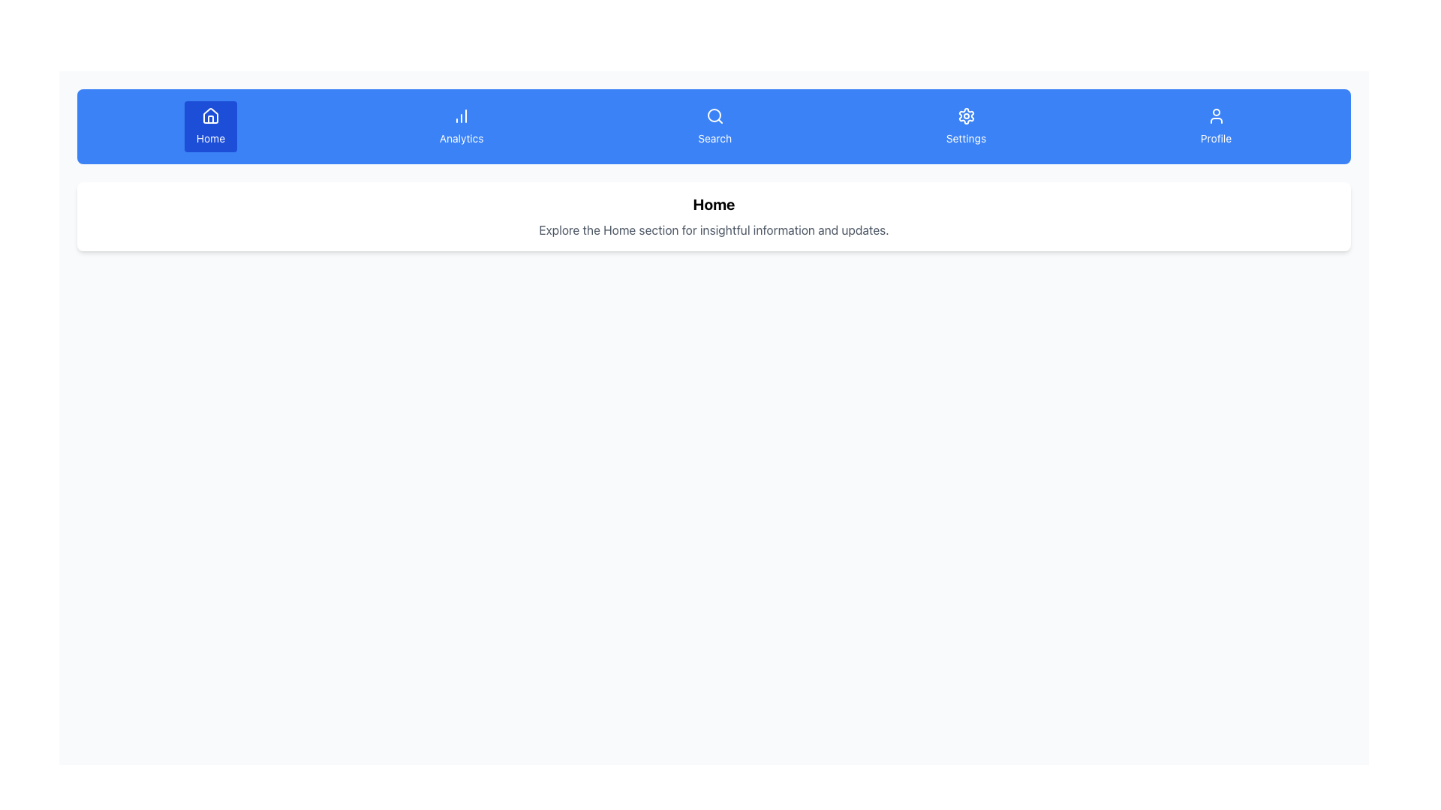  What do you see at coordinates (209, 126) in the screenshot?
I see `the 'Home' button located at the far left of the navigation bar` at bounding box center [209, 126].